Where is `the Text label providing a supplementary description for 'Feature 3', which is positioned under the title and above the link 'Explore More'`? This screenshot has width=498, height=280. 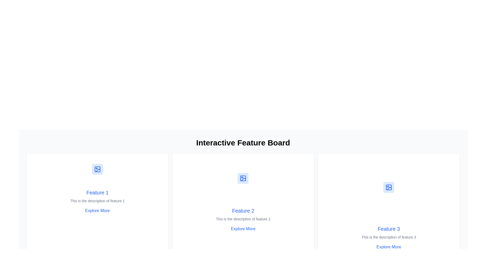
the Text label providing a supplementary description for 'Feature 3', which is positioned under the title and above the link 'Explore More' is located at coordinates (389, 237).